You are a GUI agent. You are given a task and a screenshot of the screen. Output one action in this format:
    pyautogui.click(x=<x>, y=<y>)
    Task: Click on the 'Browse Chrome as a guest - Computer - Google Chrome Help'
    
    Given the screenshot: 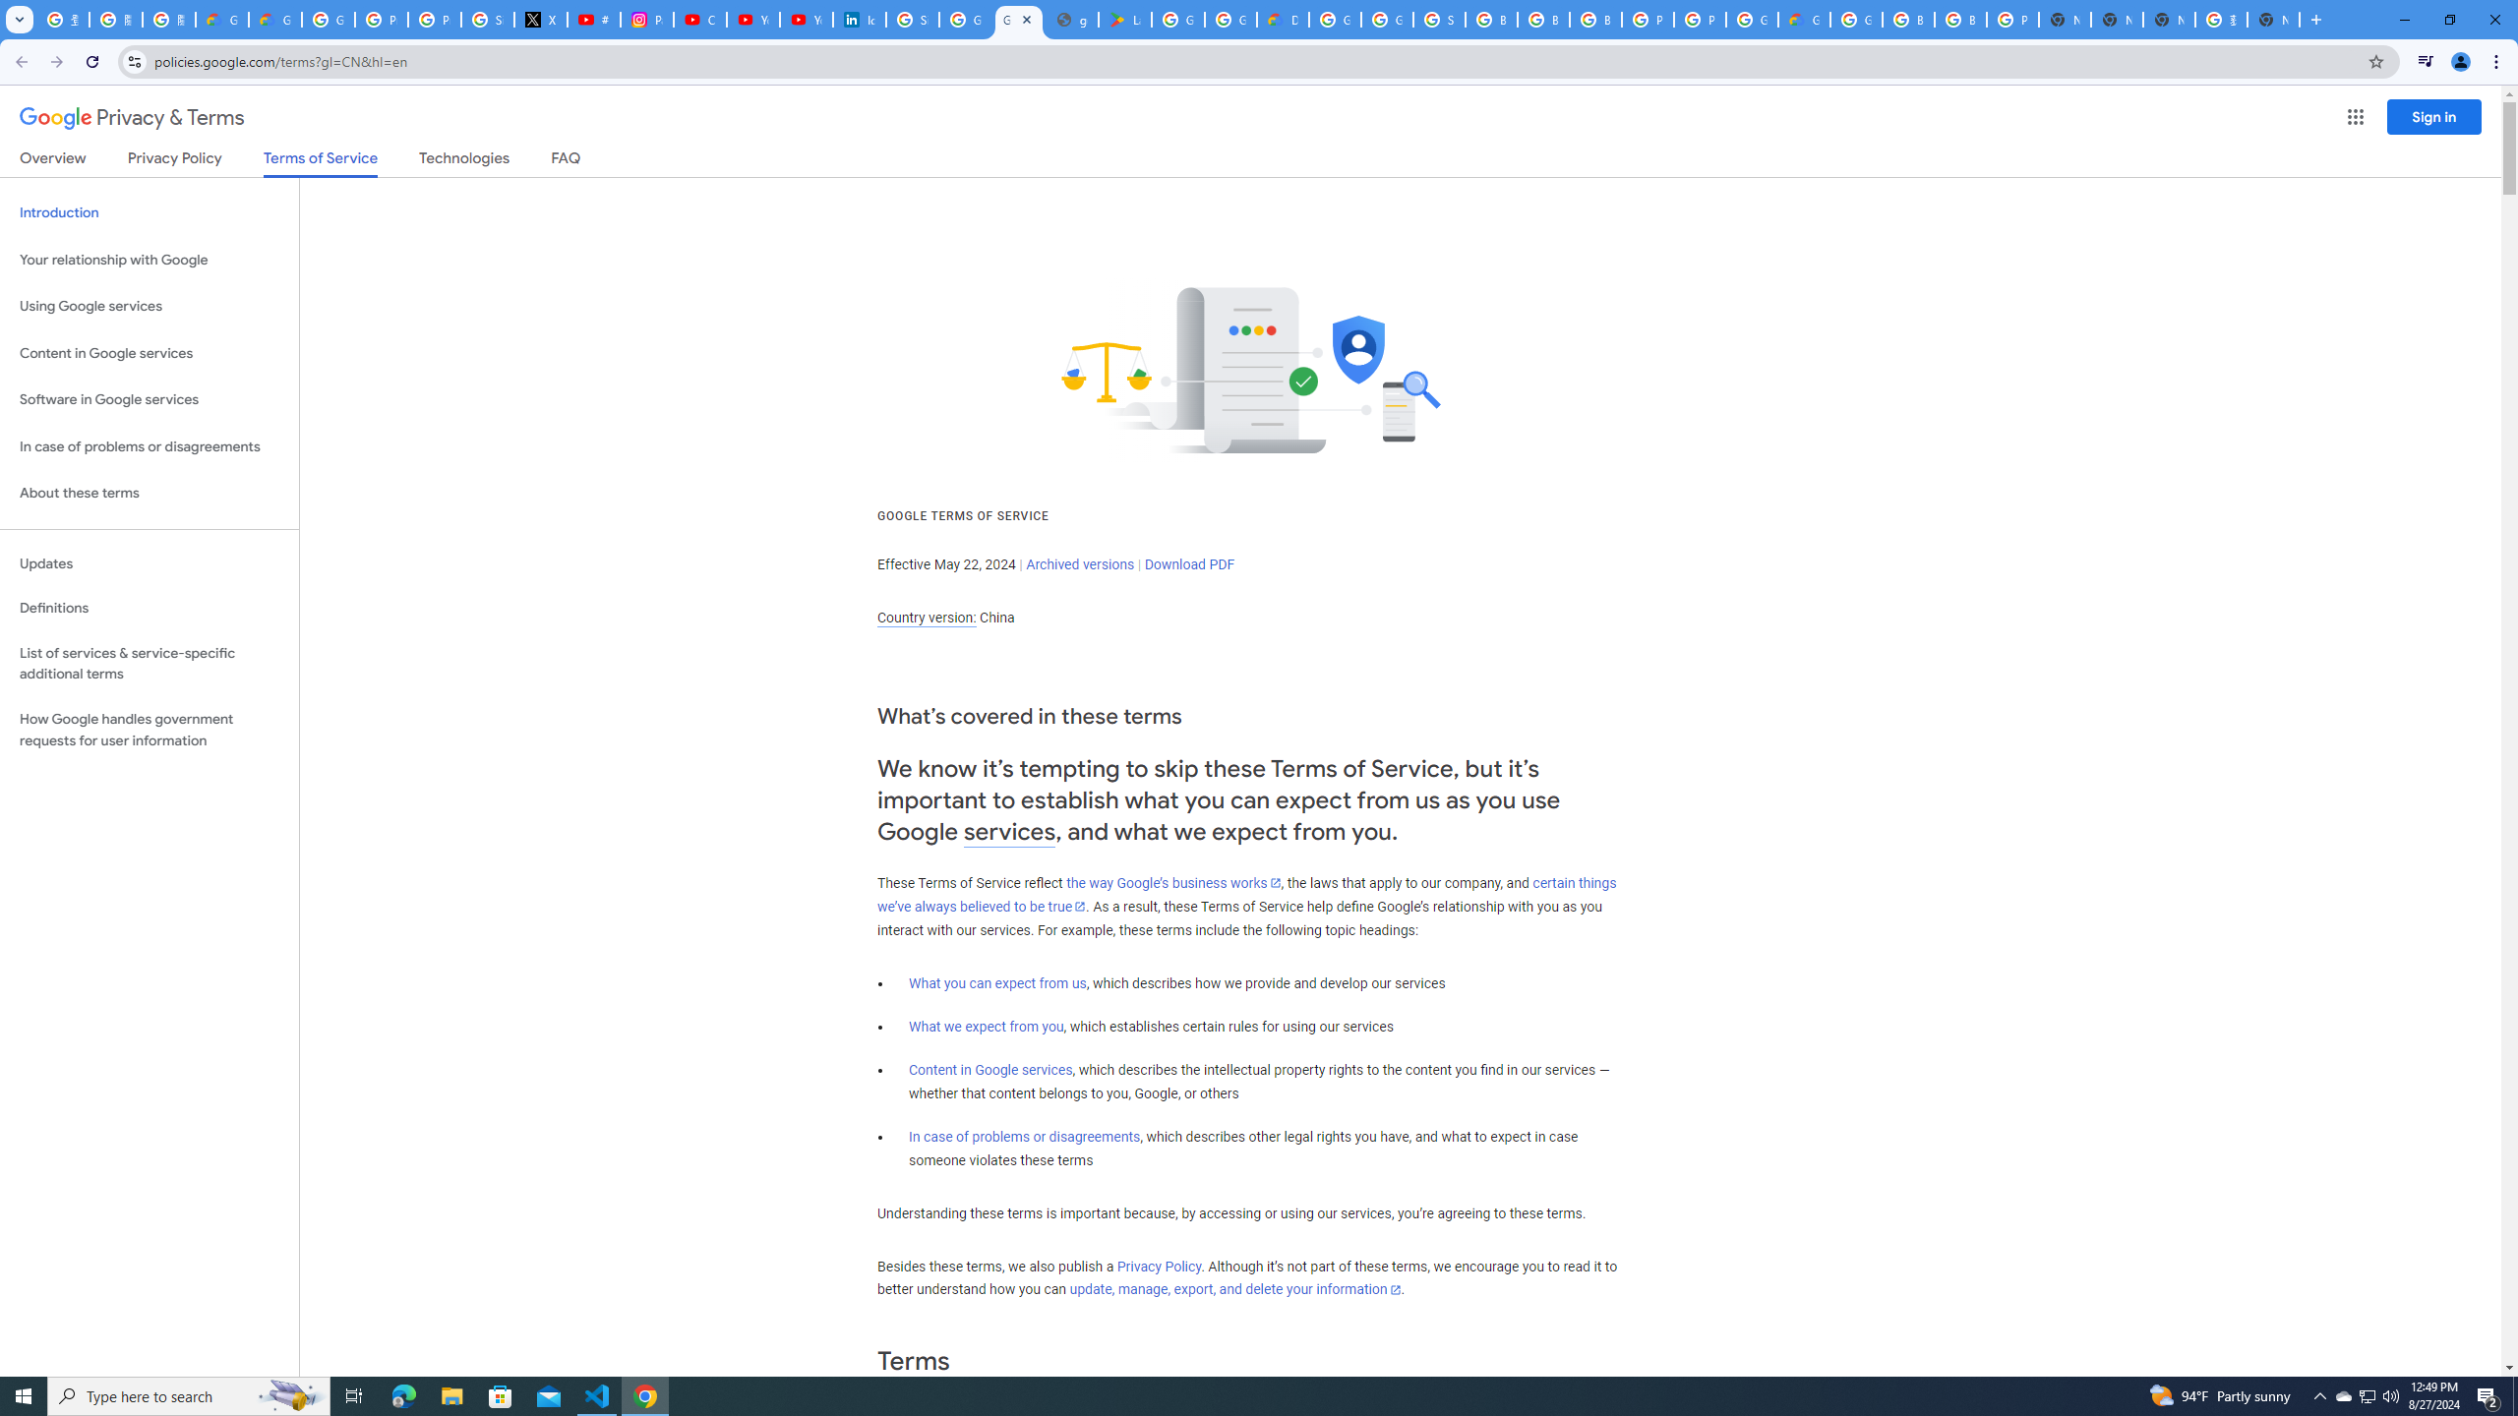 What is the action you would take?
    pyautogui.click(x=1543, y=19)
    